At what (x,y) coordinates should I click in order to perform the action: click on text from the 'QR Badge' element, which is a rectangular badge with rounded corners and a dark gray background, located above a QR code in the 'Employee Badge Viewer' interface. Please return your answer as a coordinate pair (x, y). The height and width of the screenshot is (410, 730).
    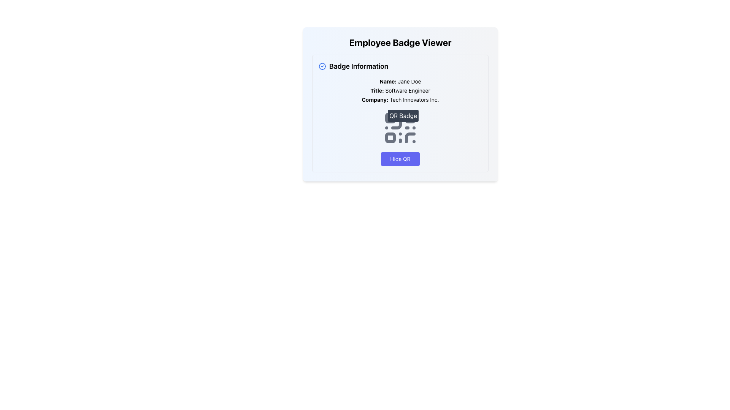
    Looking at the image, I should click on (403, 115).